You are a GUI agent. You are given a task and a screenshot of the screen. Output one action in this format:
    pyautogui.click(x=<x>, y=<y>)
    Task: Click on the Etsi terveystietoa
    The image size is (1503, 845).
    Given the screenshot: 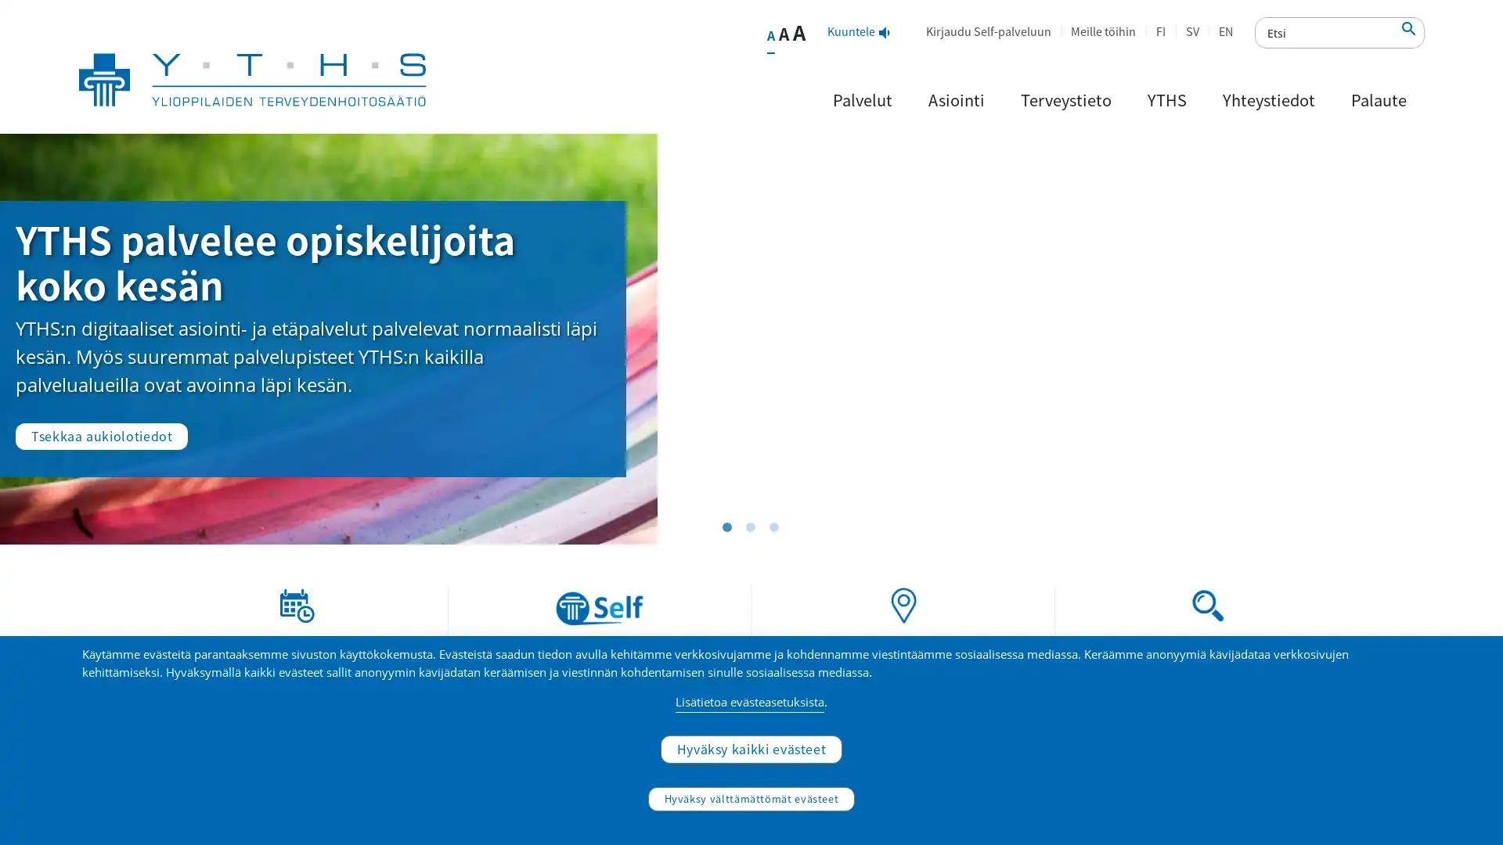 What is the action you would take?
    pyautogui.click(x=1317, y=739)
    